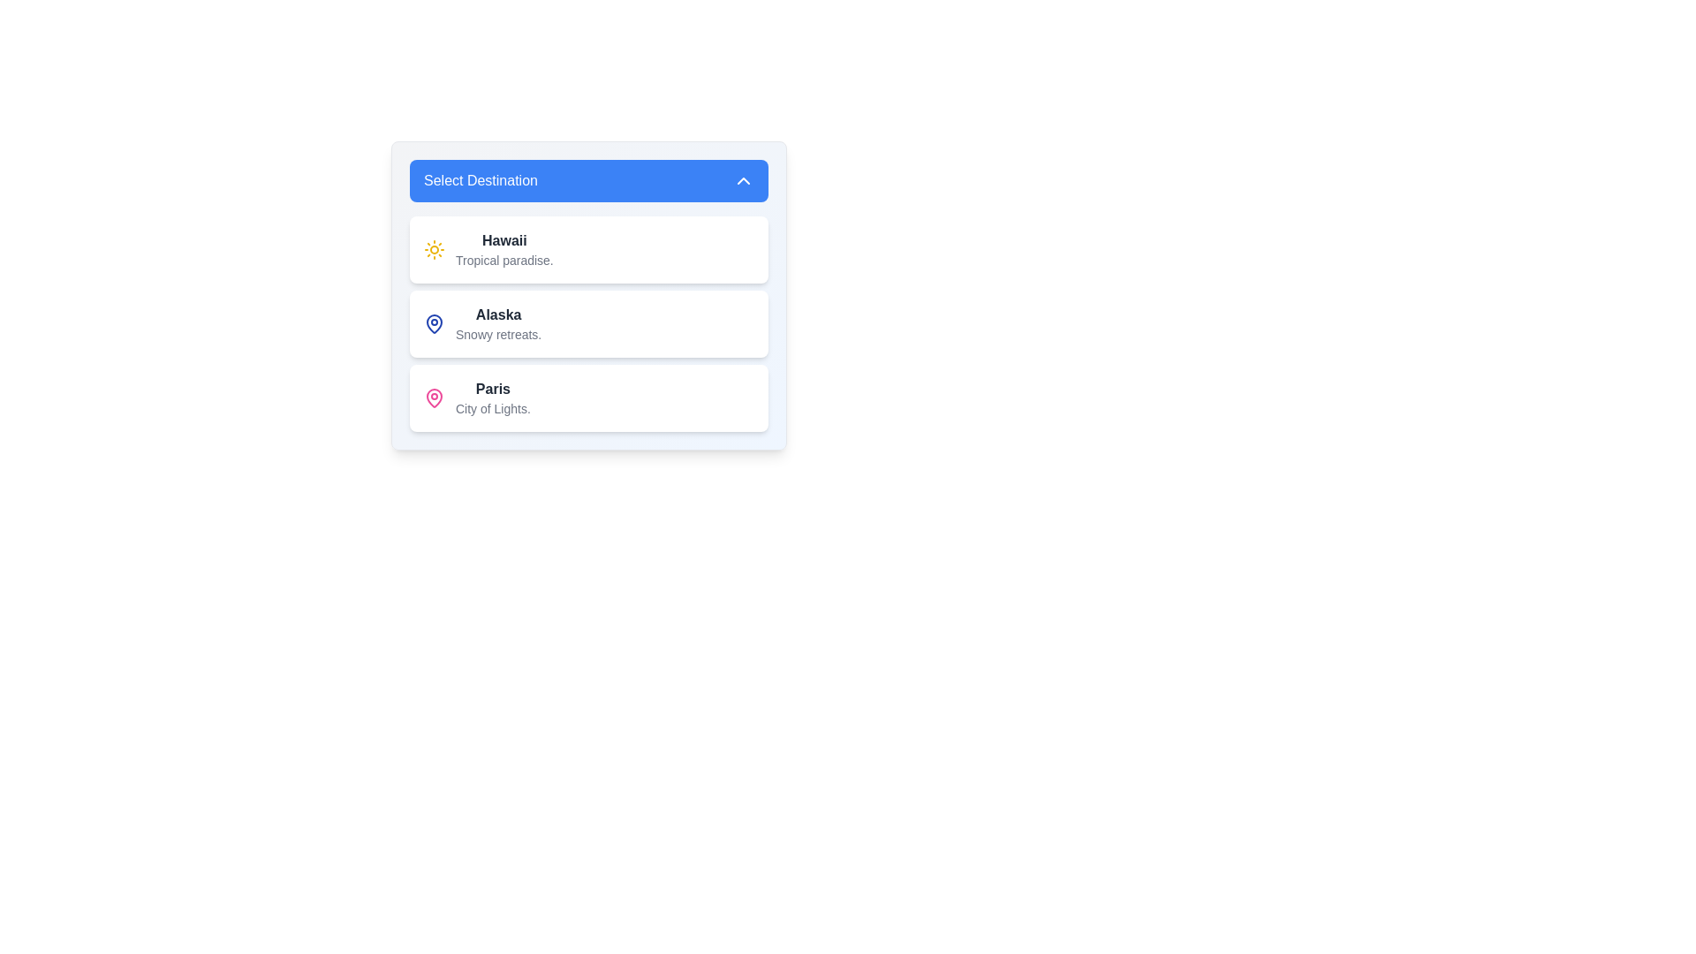 The width and height of the screenshot is (1696, 954). Describe the element at coordinates (493, 408) in the screenshot. I see `the descriptive text label located underneath the 'Paris' title in the dropdown list` at that location.